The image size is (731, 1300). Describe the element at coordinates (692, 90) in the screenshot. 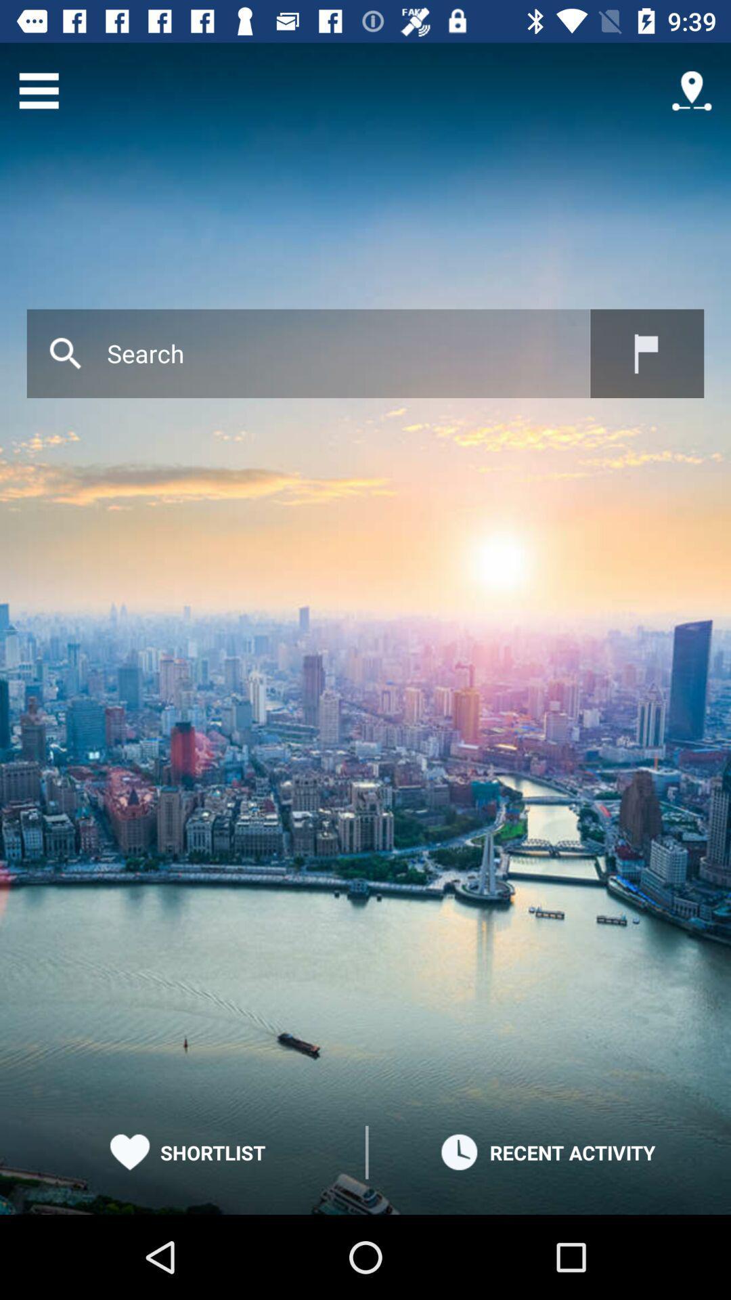

I see `location option` at that location.